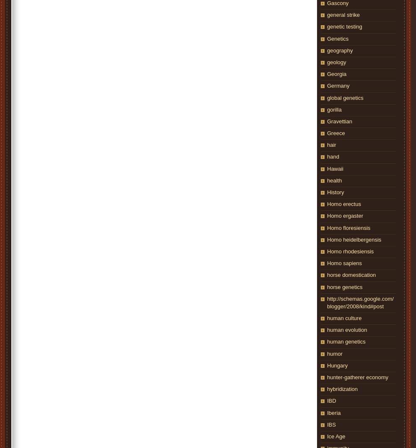  I want to click on 'global genetics', so click(345, 97).